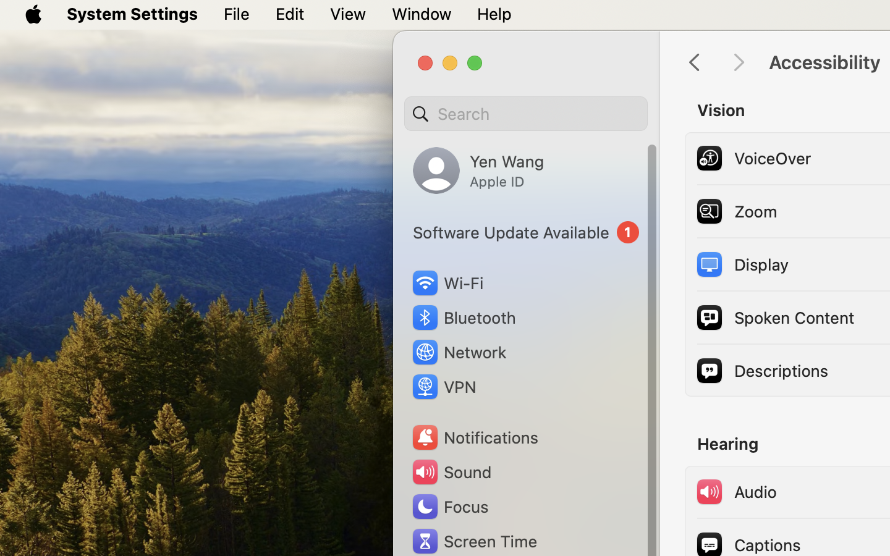 Image resolution: width=890 pixels, height=556 pixels. What do you see at coordinates (449, 506) in the screenshot?
I see `'Focus'` at bounding box center [449, 506].